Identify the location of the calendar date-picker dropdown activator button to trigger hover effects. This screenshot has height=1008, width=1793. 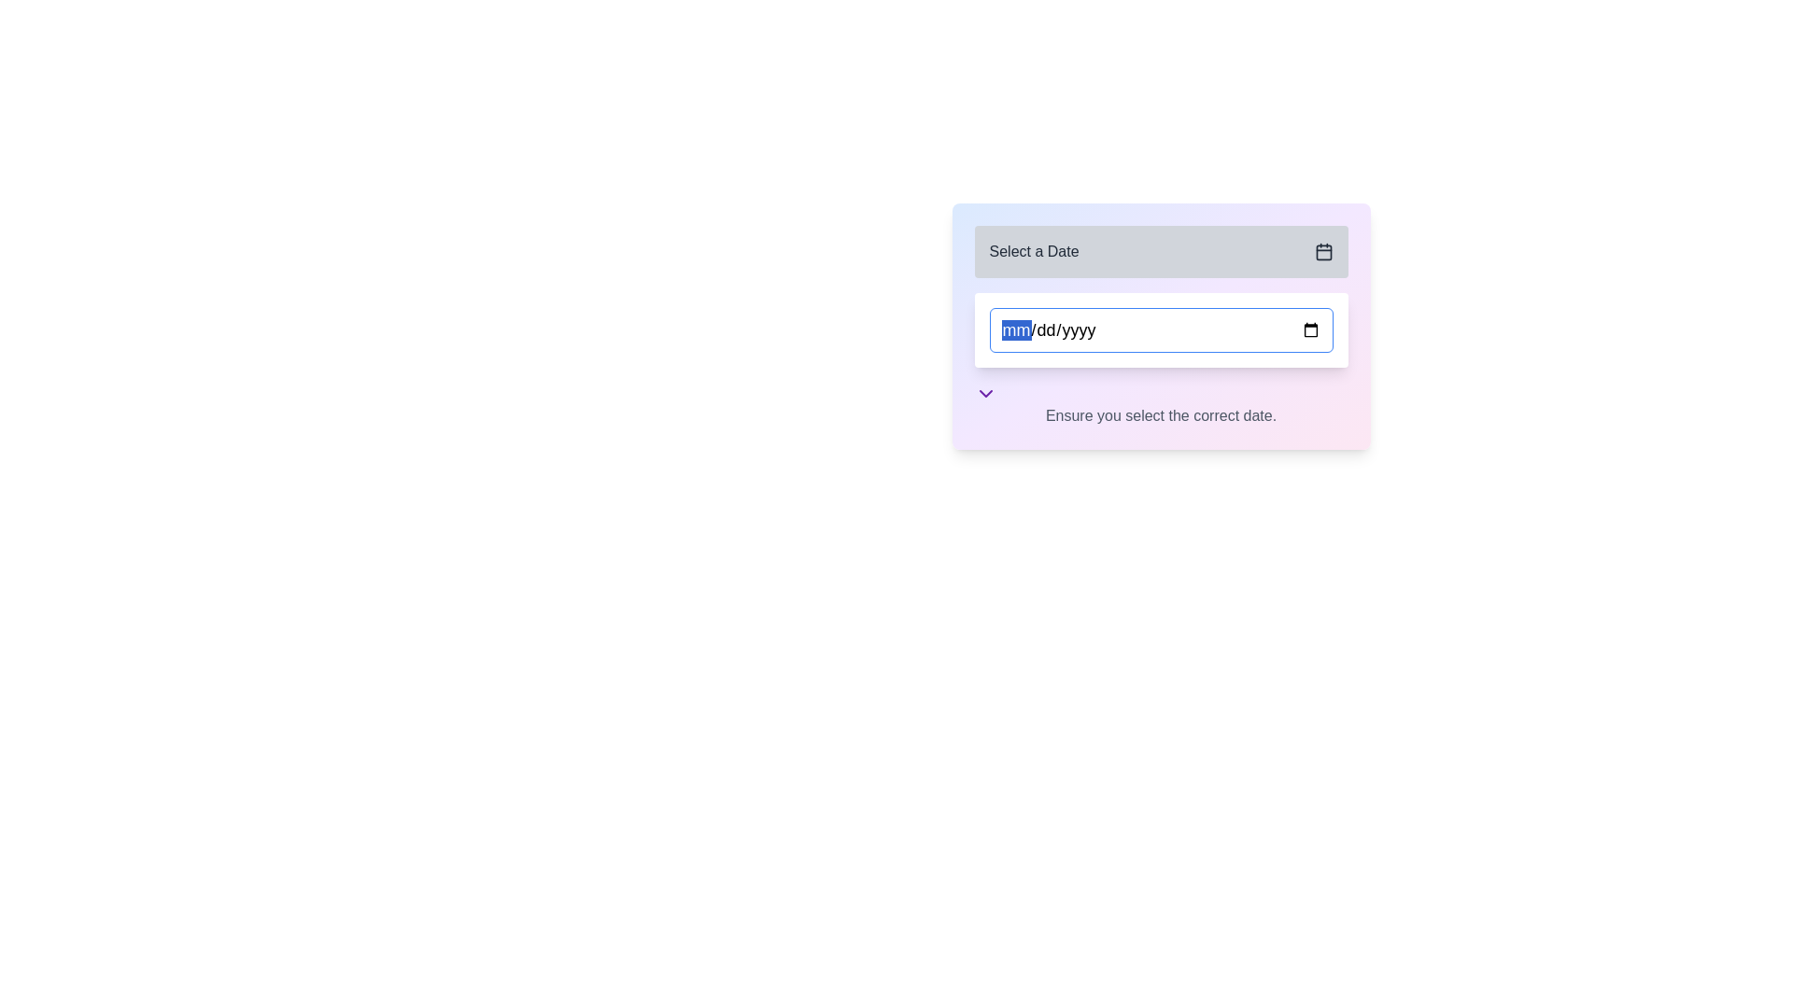
(1160, 252).